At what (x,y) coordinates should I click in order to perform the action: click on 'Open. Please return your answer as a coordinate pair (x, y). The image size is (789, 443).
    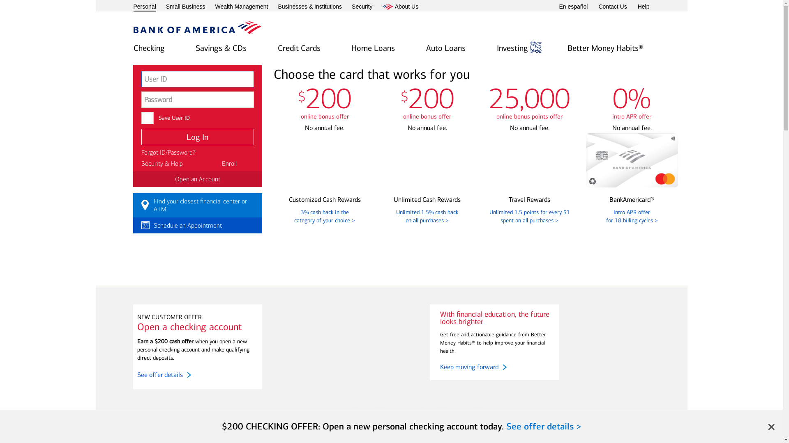
    Looking at the image, I should click on (148, 49).